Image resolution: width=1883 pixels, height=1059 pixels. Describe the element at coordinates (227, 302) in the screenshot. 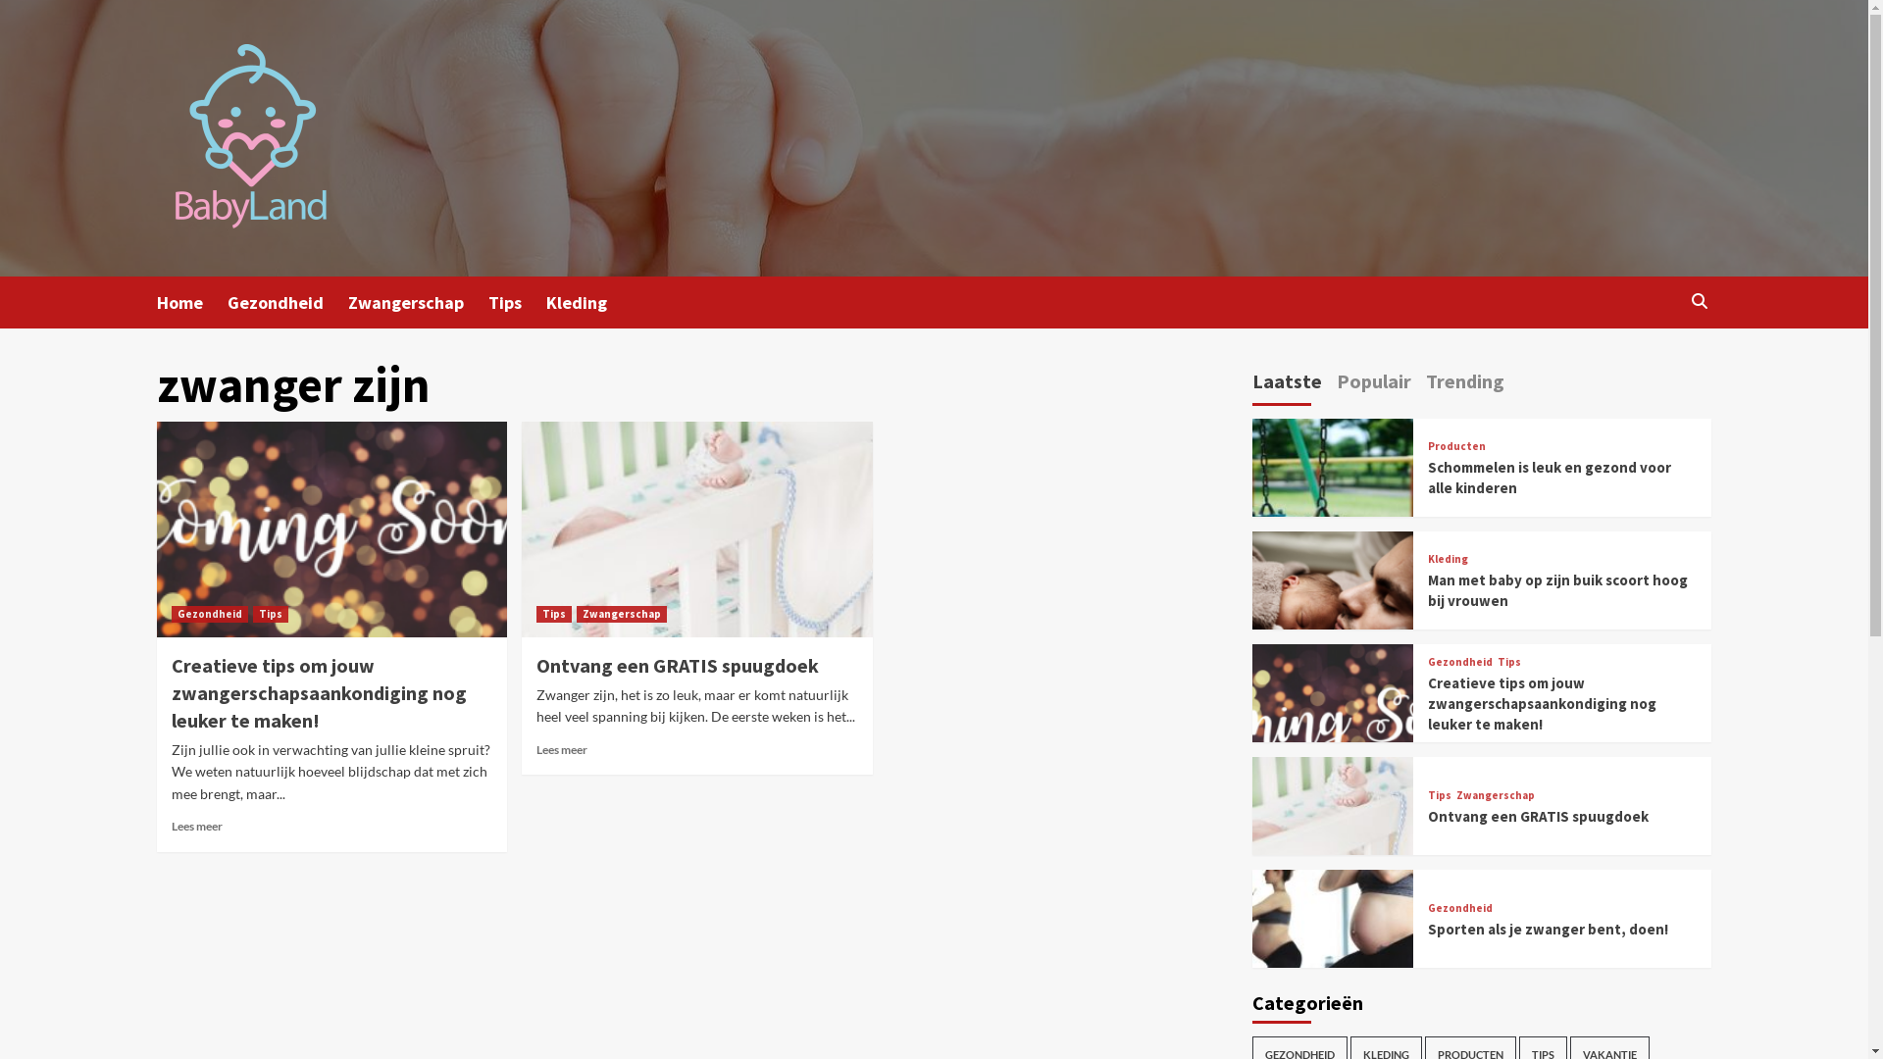

I see `'Gezondheid'` at that location.